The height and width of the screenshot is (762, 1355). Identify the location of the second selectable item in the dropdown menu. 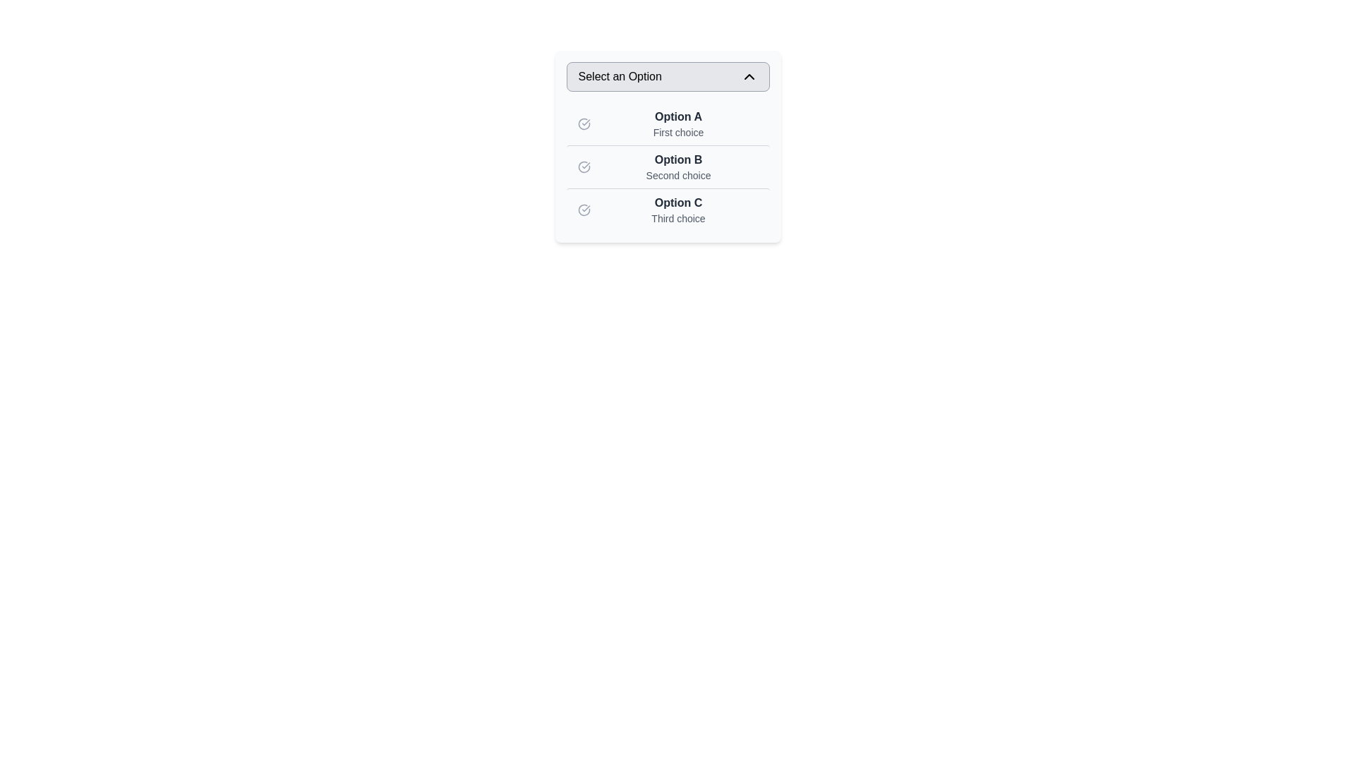
(667, 166).